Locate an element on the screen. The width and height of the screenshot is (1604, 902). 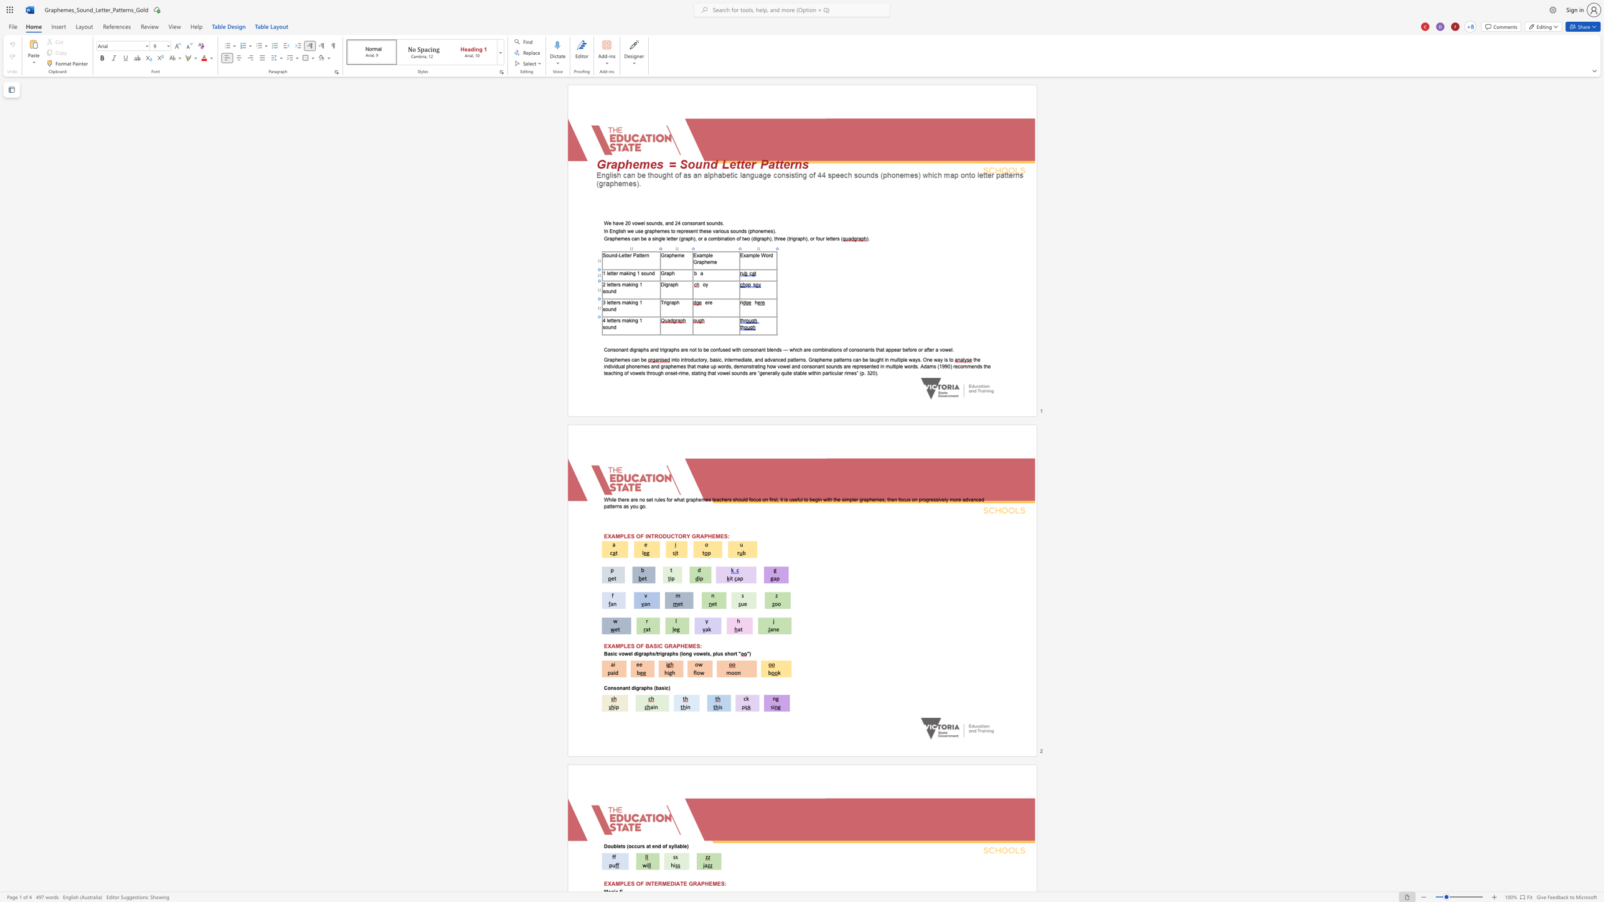
the space between the continuous character "a" and "k" in the text is located at coordinates (629, 319).